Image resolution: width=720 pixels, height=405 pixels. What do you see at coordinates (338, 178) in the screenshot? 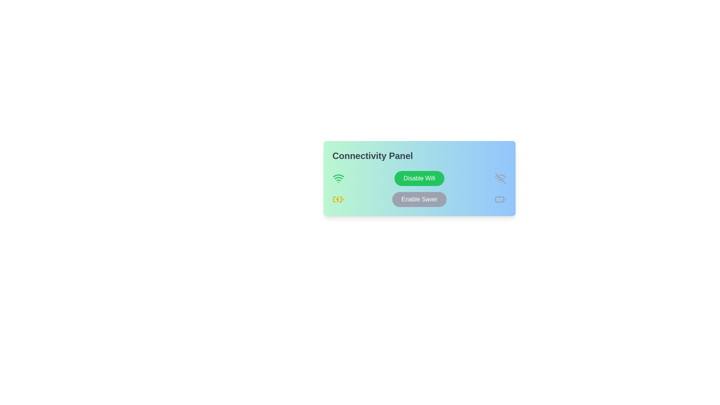
I see `the prominent green Wi-Fi connectivity icon with three radiating arcs located in the 'Connectivity Panel' at the top-left section of the UI` at bounding box center [338, 178].